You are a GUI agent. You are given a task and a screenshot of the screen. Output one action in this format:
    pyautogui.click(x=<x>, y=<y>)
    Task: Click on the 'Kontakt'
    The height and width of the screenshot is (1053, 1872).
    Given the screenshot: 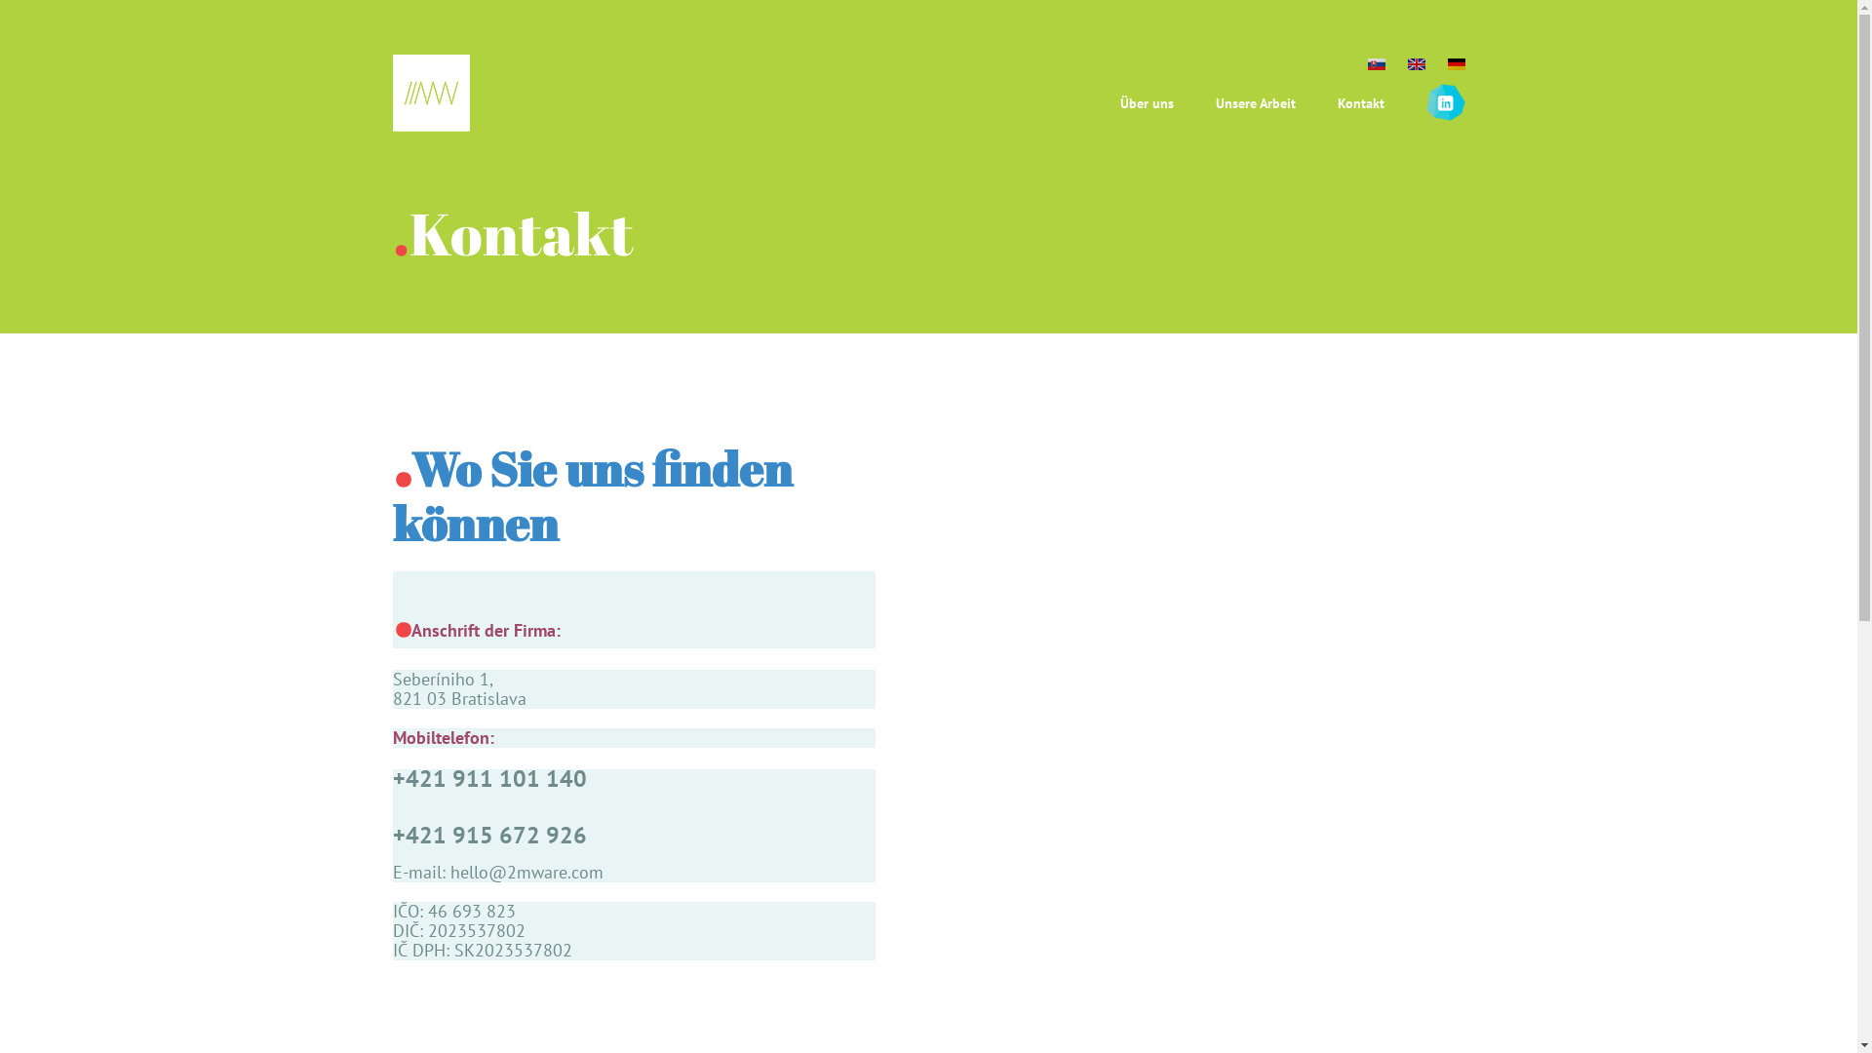 What is the action you would take?
    pyautogui.click(x=1360, y=102)
    